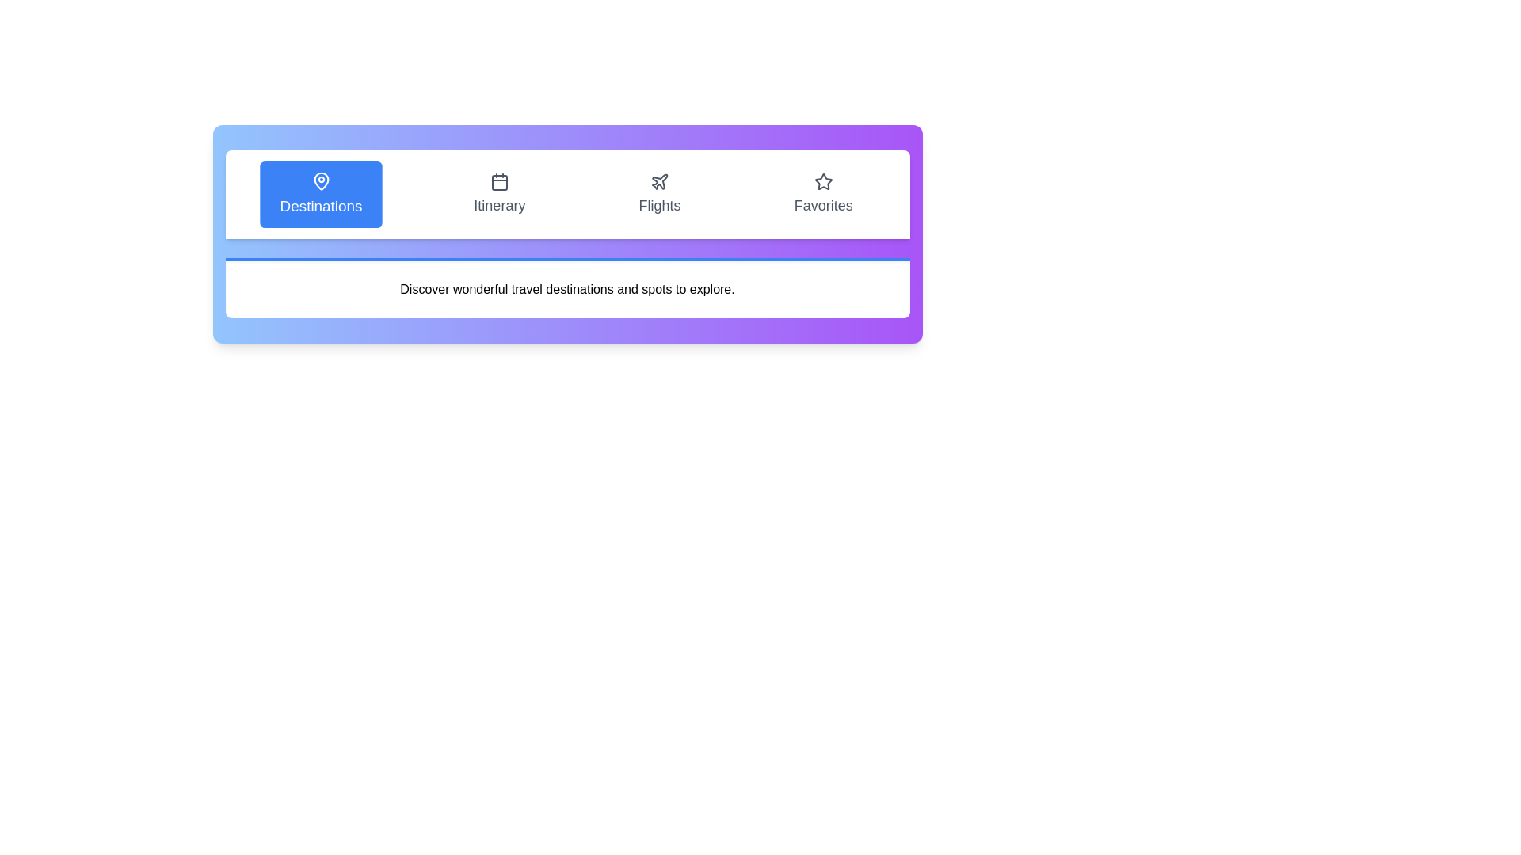 The height and width of the screenshot is (855, 1521). What do you see at coordinates (498, 194) in the screenshot?
I see `the Itinerary tab to observe visual feedback` at bounding box center [498, 194].